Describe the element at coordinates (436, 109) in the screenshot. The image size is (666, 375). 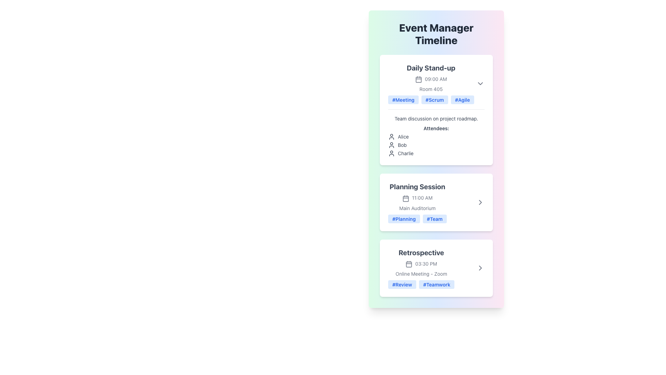
I see `topmost event card in the 'Event Manager Timeline' to view its details, which include title, time, location, tags, and attendee list` at that location.